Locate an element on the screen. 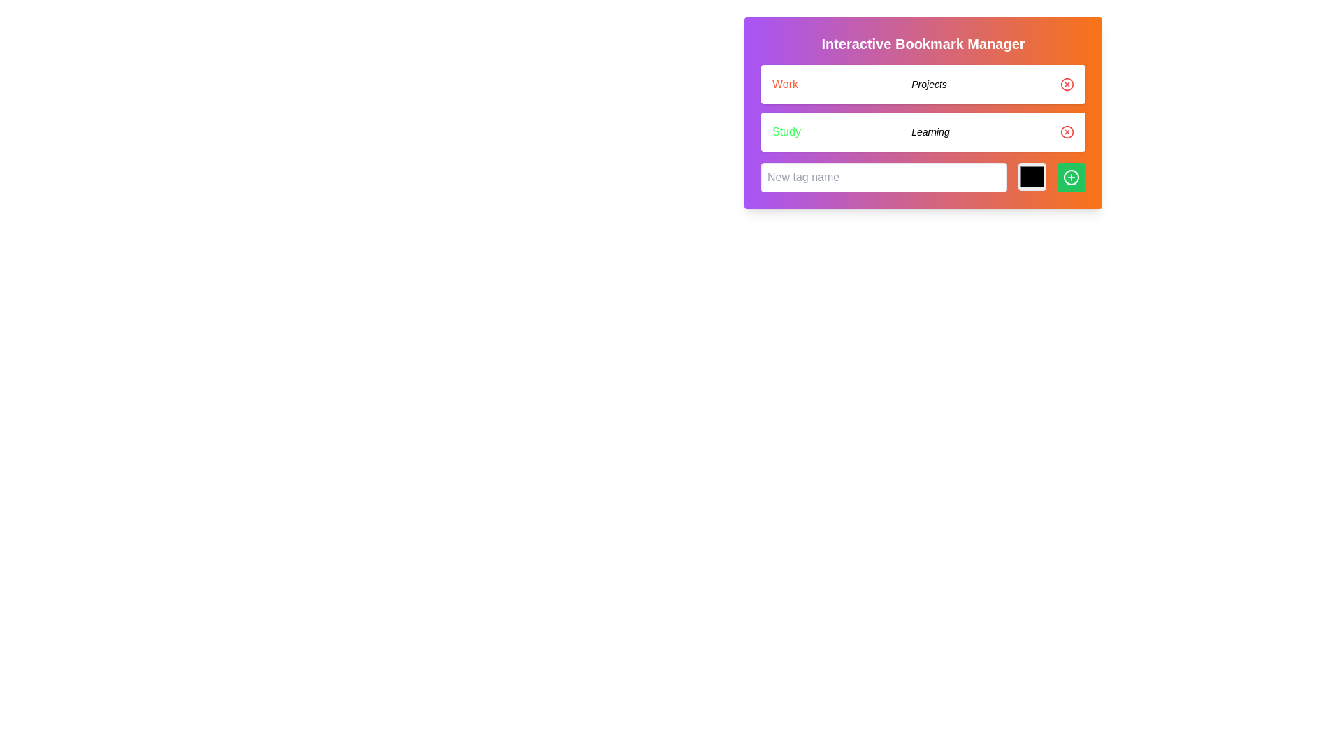 The height and width of the screenshot is (755, 1342). tag's title labeled 'Work Projects' from the first List Item with Removable Tag in the 'Interactive Bookmark Manager' is located at coordinates (923, 84).